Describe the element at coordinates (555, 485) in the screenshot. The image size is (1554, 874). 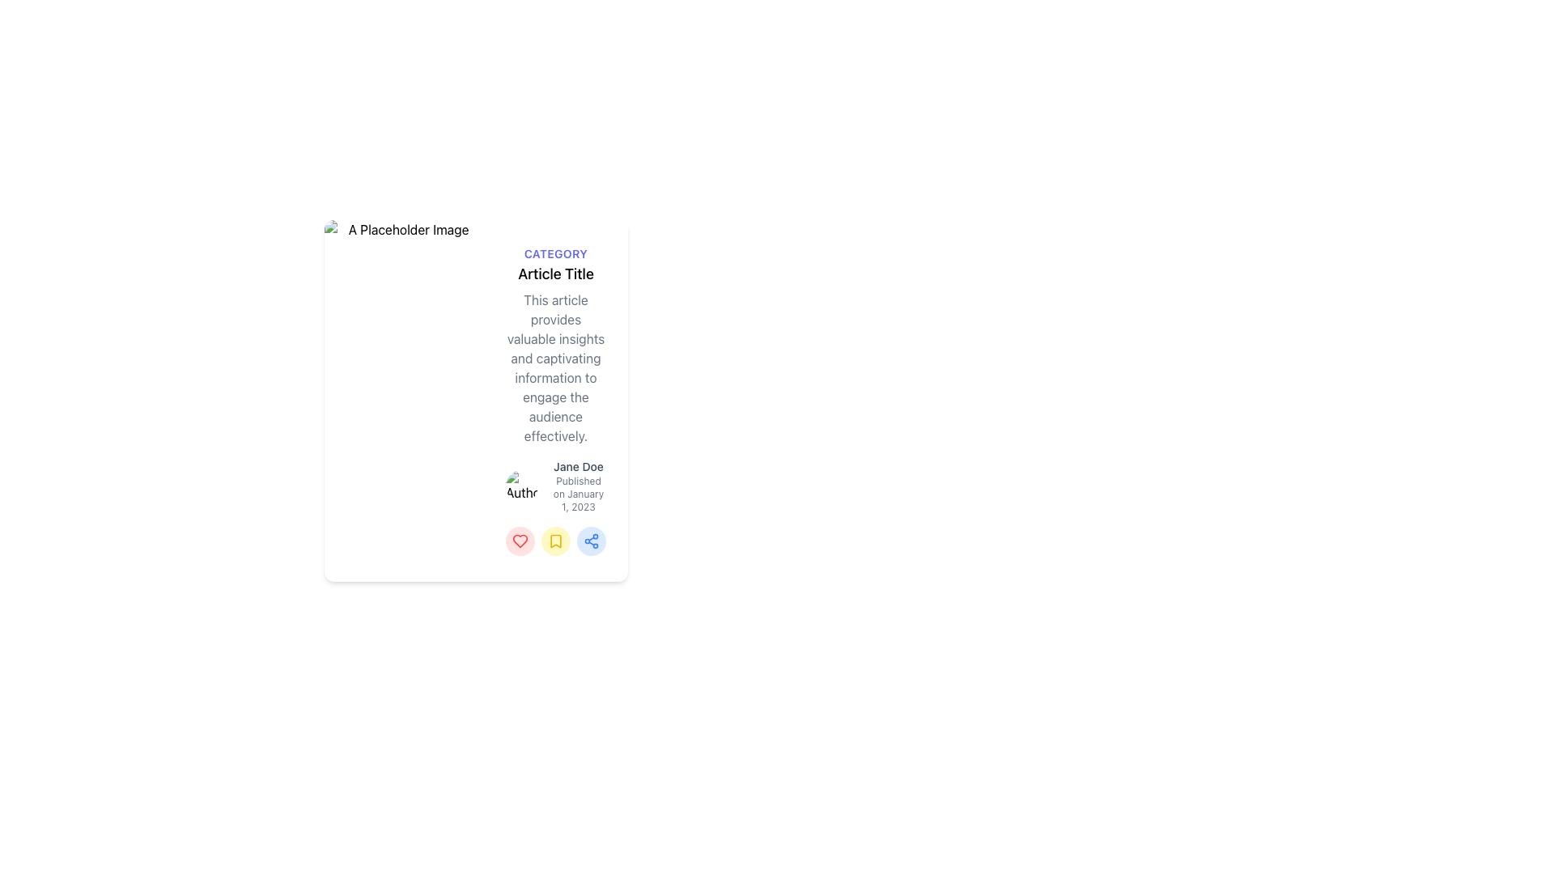
I see `information displayed in the Author Info section located in the lower-middle section of the card, directly below the article's description` at that location.